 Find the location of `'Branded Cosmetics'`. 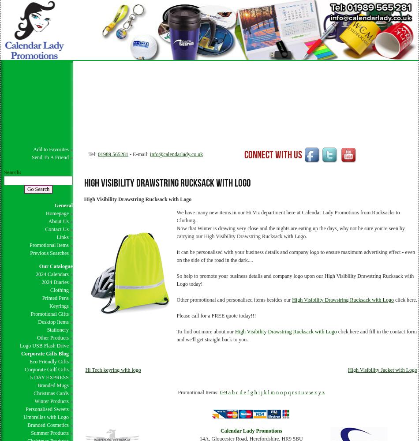

'Branded Cosmetics' is located at coordinates (48, 425).